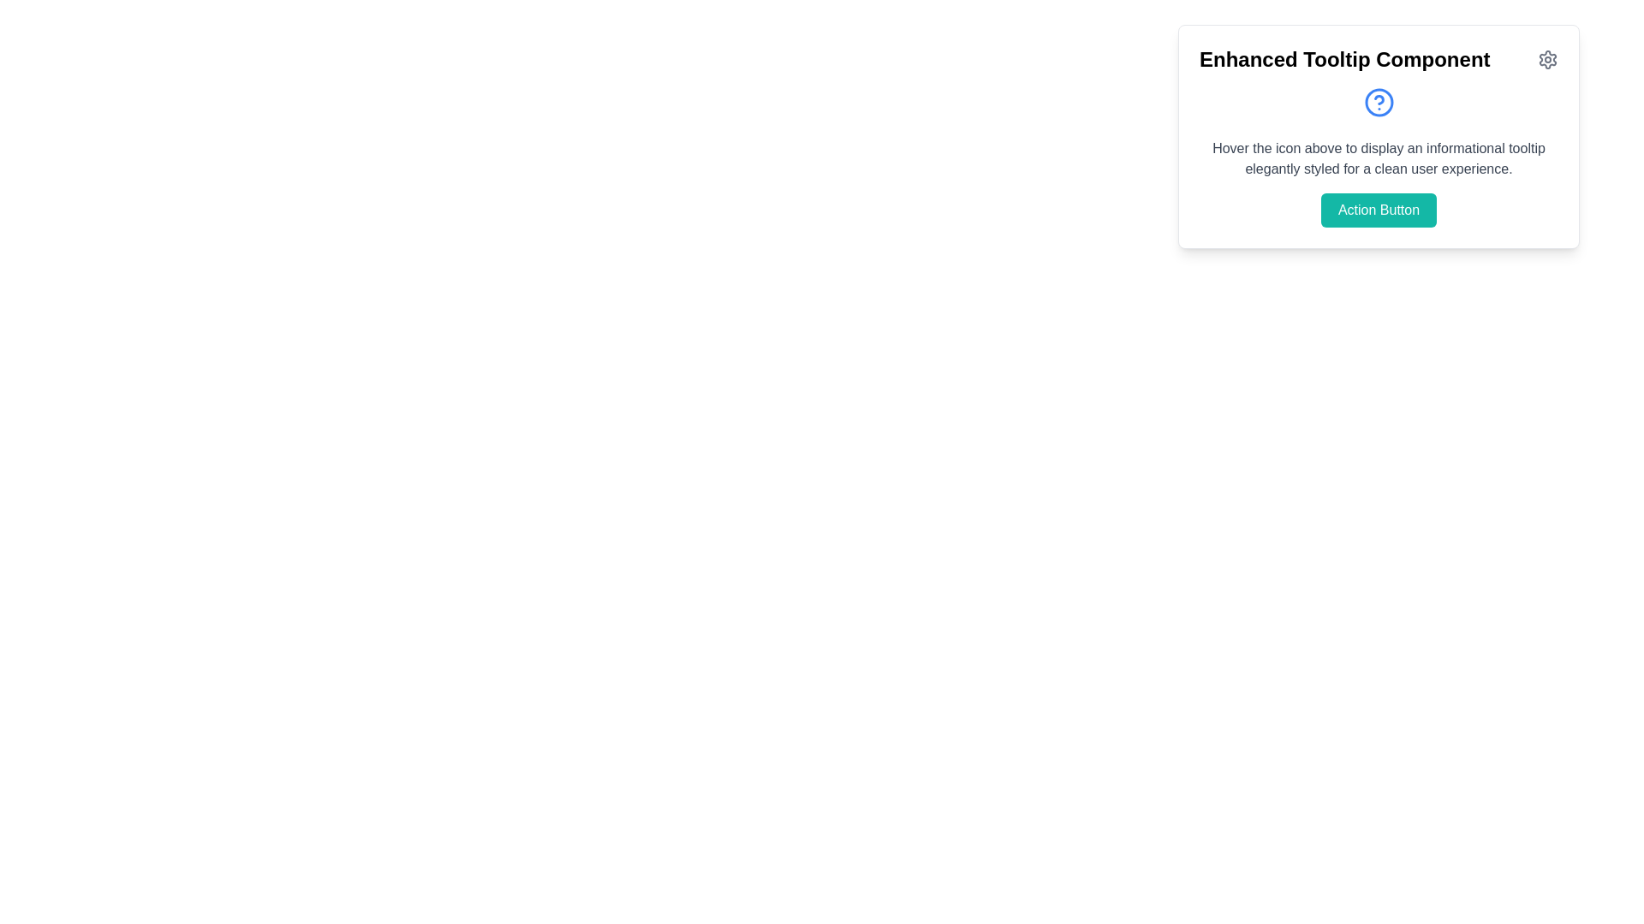 The width and height of the screenshot is (1644, 924). Describe the element at coordinates (1379, 135) in the screenshot. I see `the blue question mark icon in the Enhanced Tooltip Component card` at that location.